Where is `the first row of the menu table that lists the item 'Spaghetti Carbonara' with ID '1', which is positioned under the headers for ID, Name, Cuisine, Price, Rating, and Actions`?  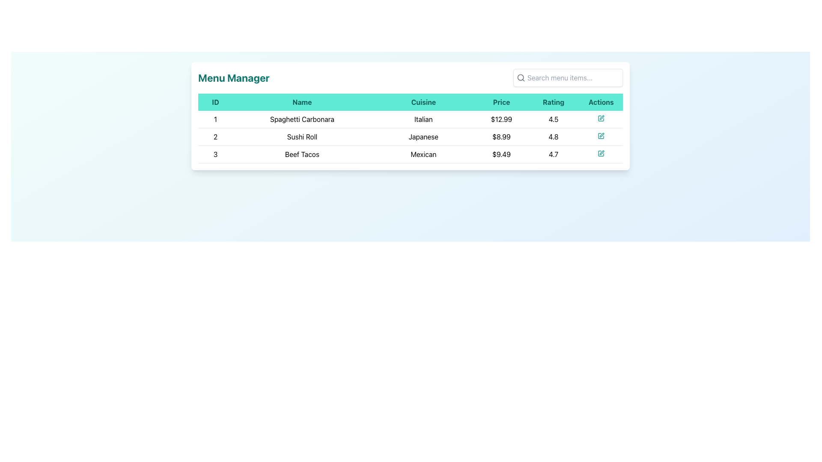
the first row of the menu table that lists the item 'Spaghetti Carbonara' with ID '1', which is positioned under the headers for ID, Name, Cuisine, Price, Rating, and Actions is located at coordinates (410, 119).